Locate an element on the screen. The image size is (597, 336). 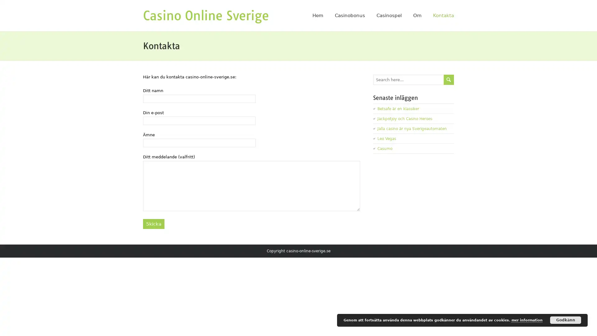
Godkann is located at coordinates (566, 320).